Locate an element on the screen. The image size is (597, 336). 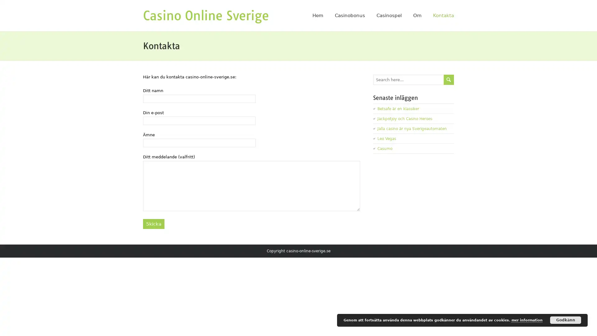
Godkann is located at coordinates (566, 320).